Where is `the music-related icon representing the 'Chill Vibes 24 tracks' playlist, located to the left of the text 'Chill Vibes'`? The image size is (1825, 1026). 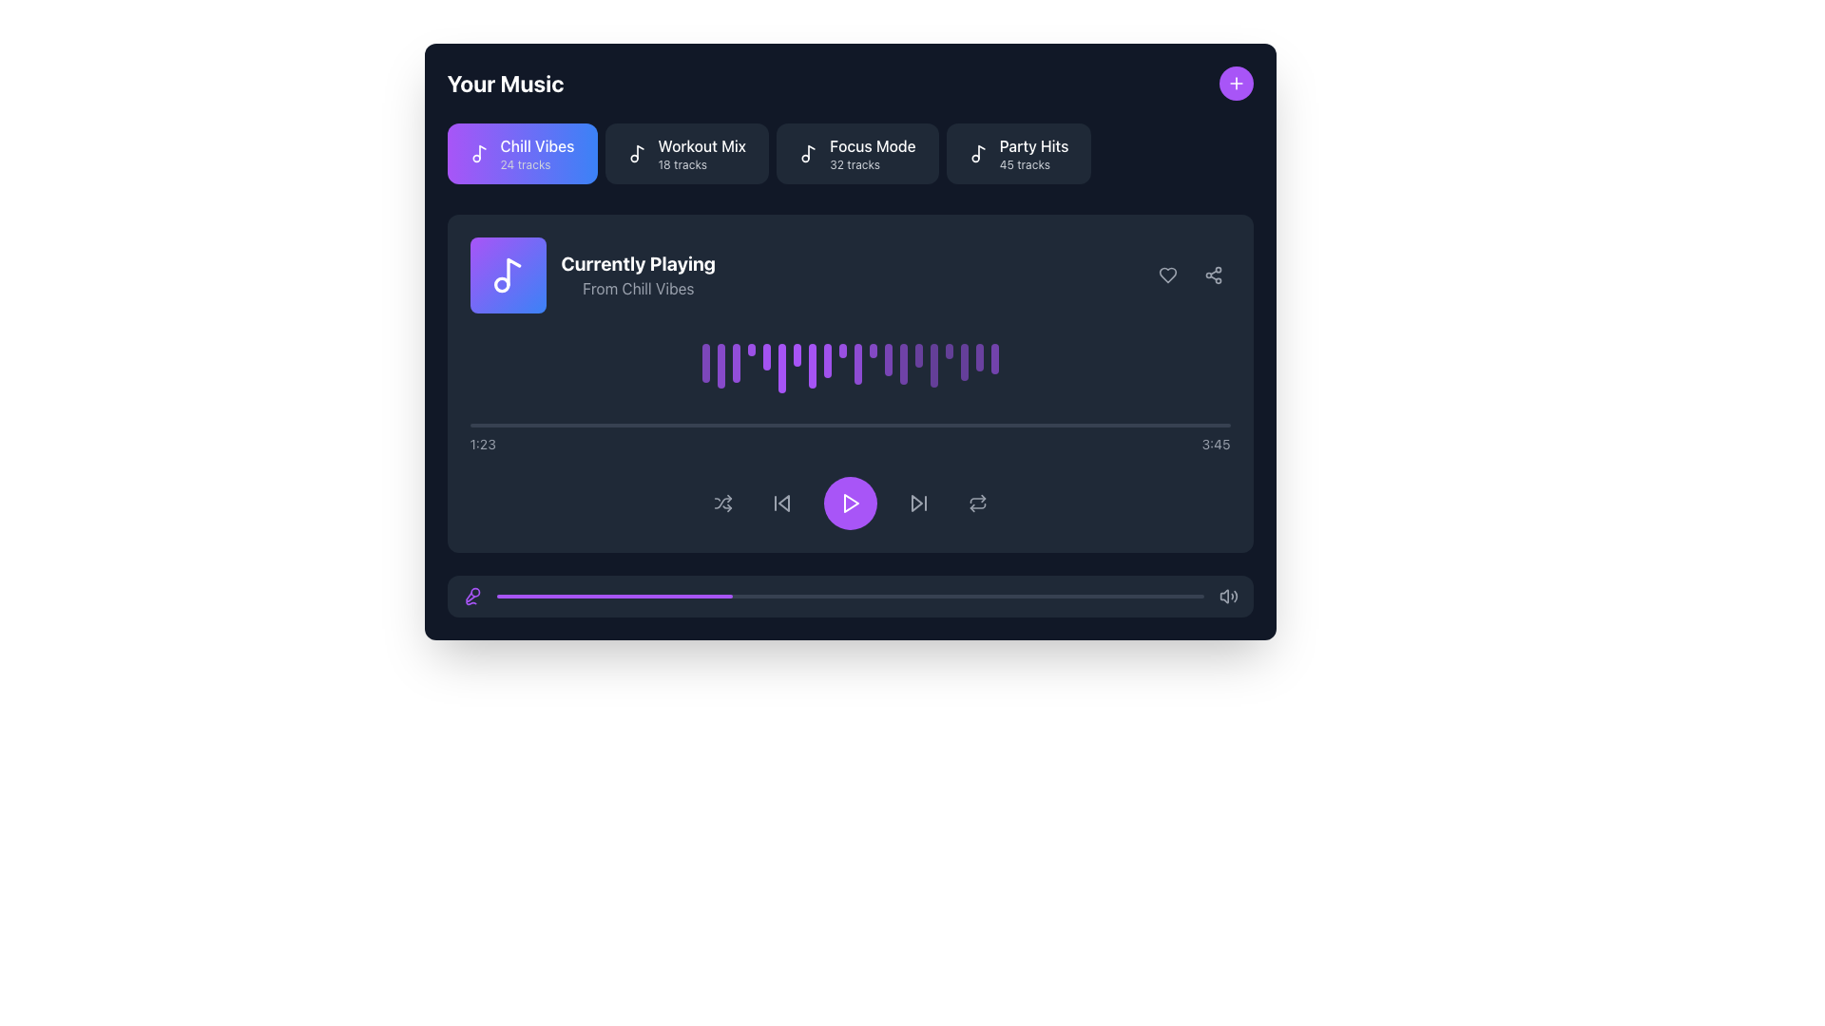 the music-related icon representing the 'Chill Vibes 24 tracks' playlist, located to the left of the text 'Chill Vibes' is located at coordinates (479, 153).